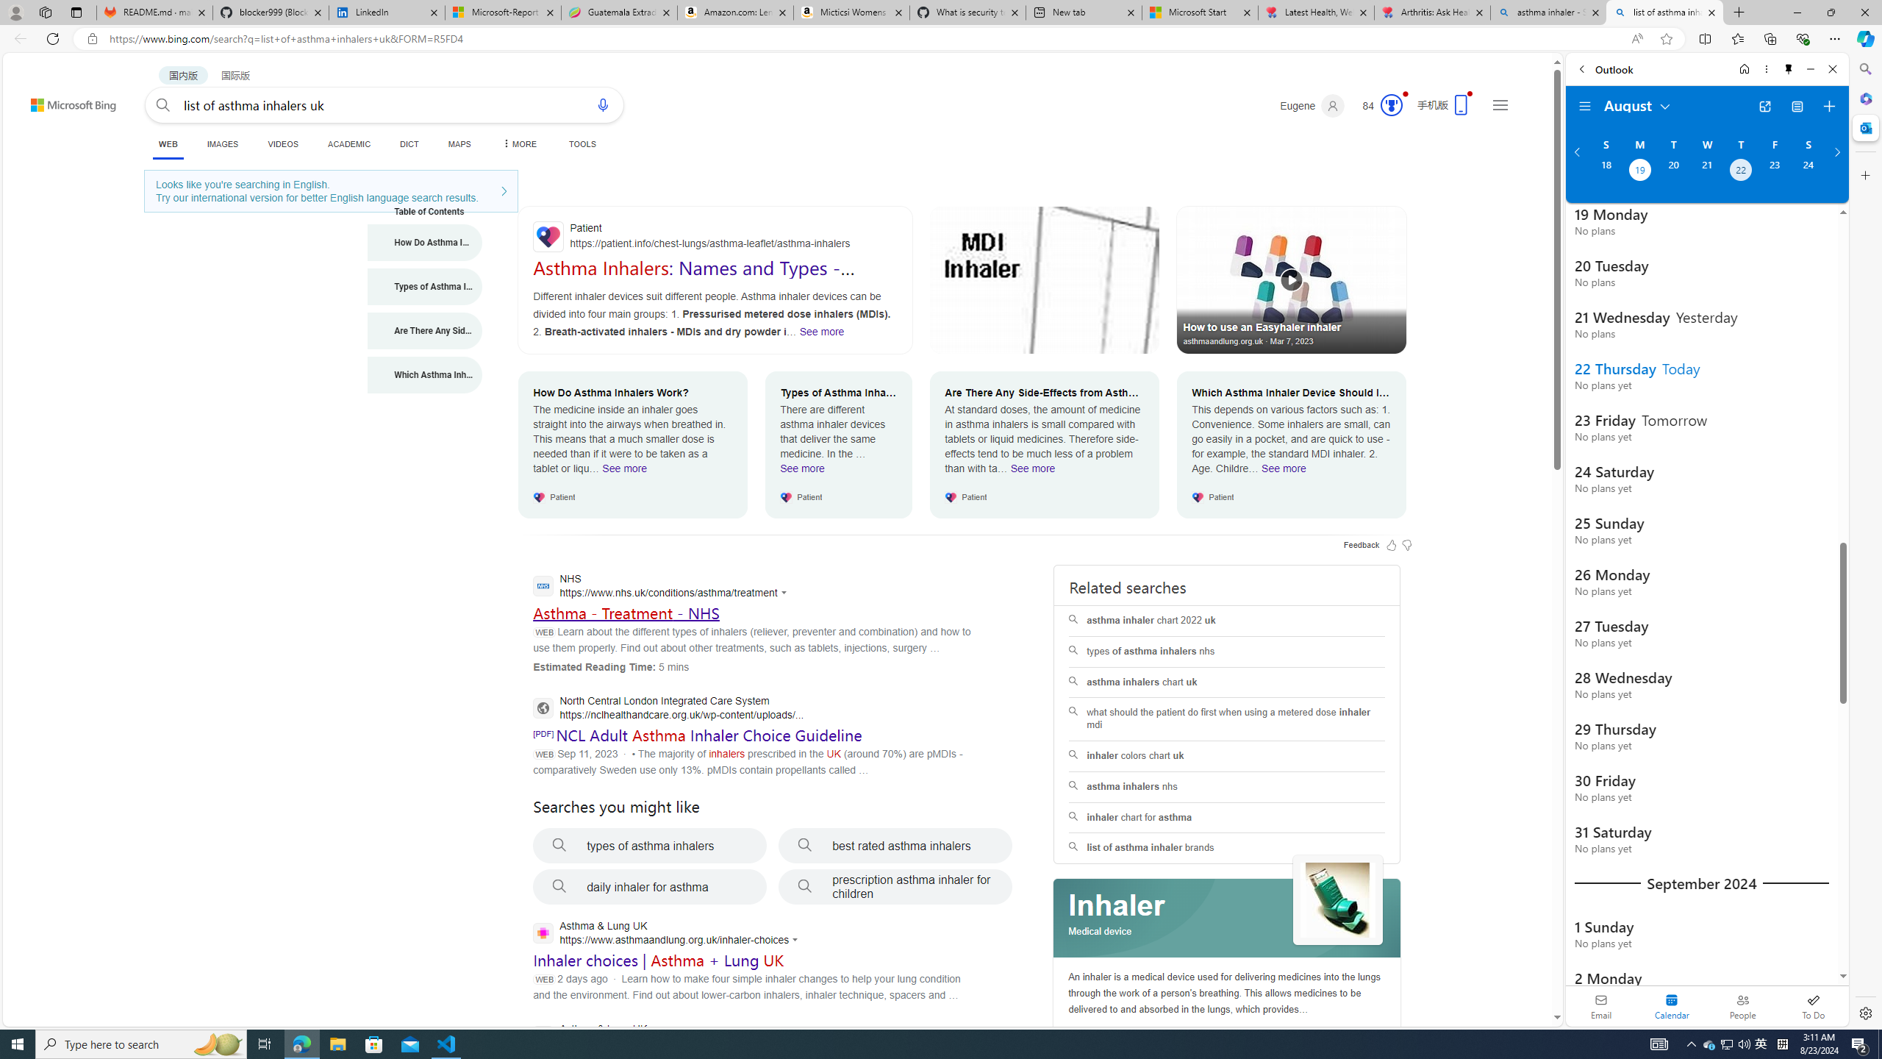 The height and width of the screenshot is (1059, 1882). What do you see at coordinates (1226, 785) in the screenshot?
I see `'asthma inhalers nhs'` at bounding box center [1226, 785].